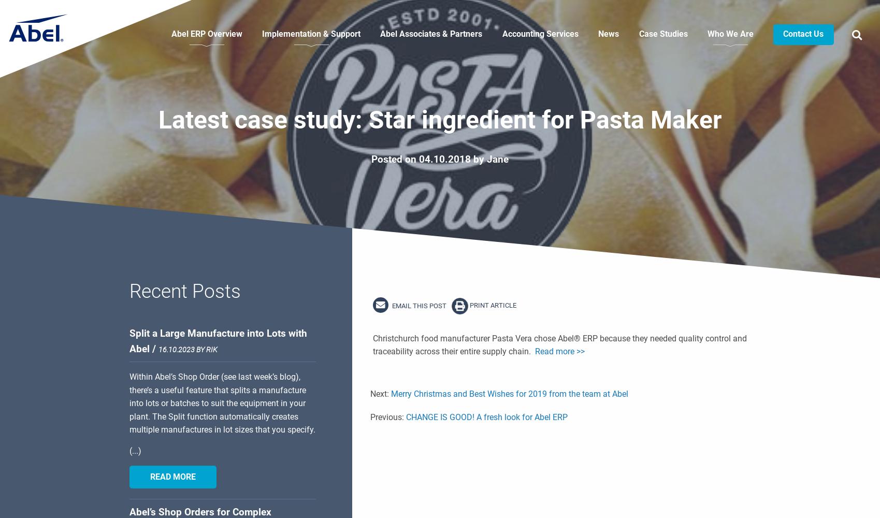 The image size is (880, 518). I want to click on 'Case Studies', so click(662, 33).